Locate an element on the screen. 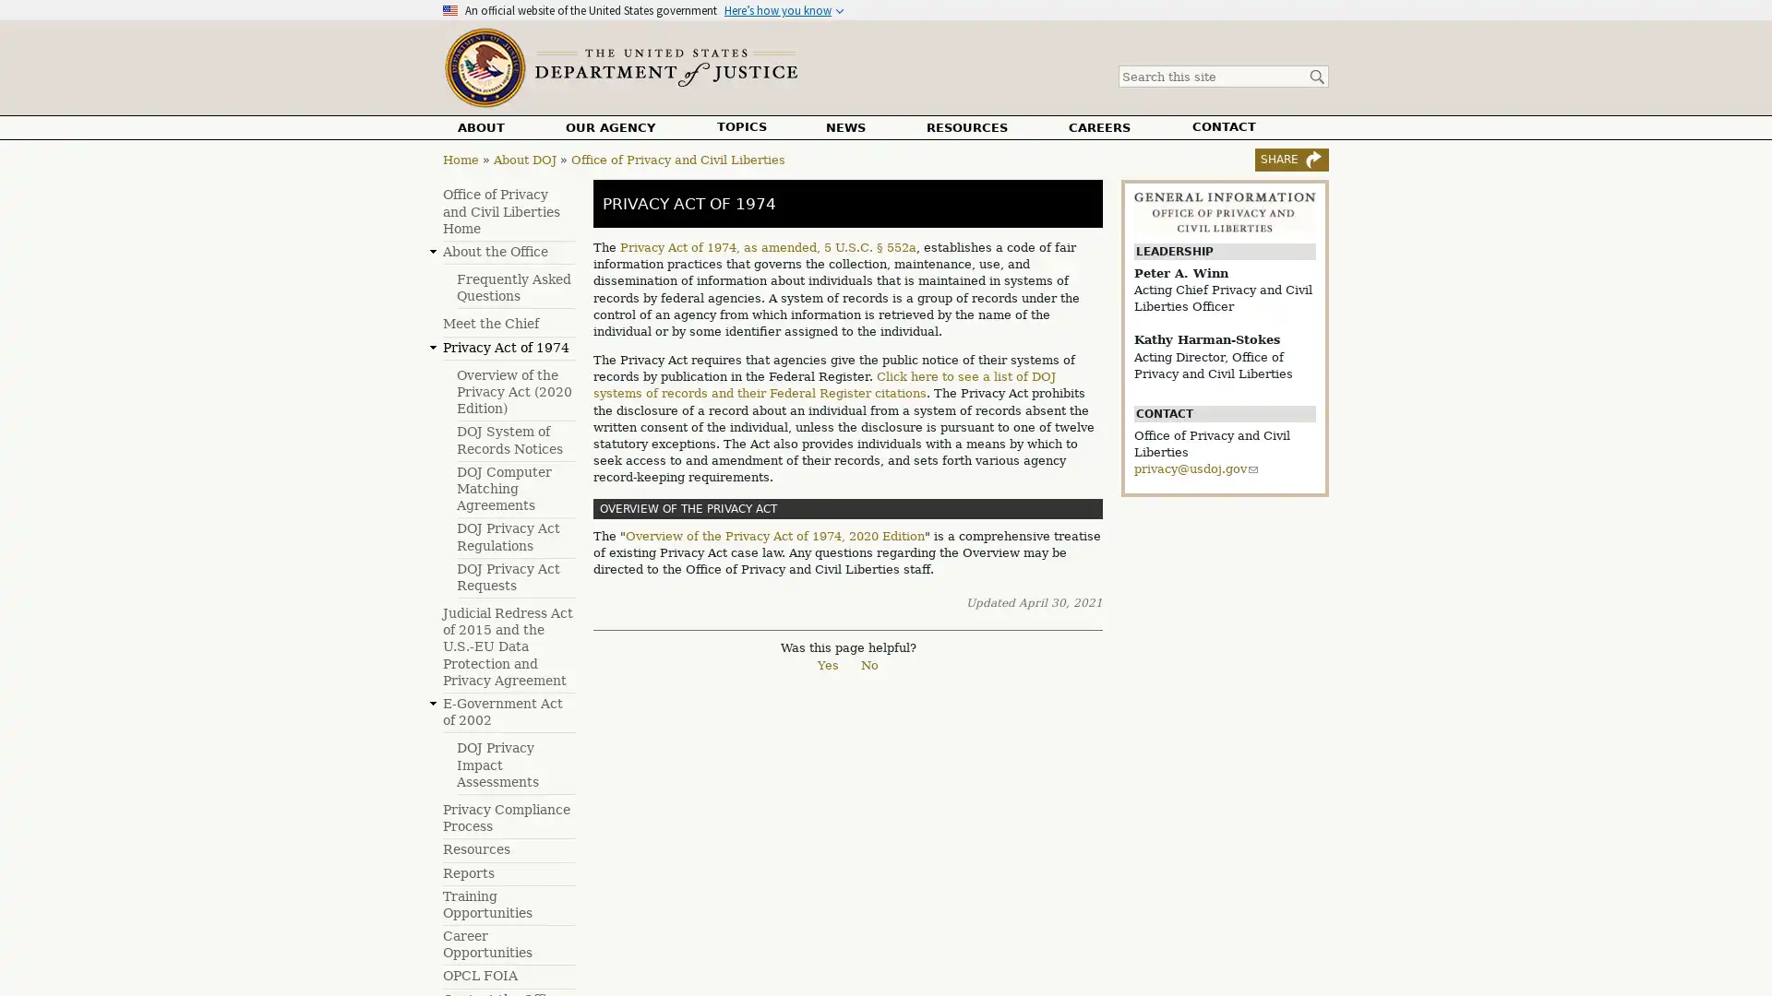  Heres how you know is located at coordinates (784, 10).